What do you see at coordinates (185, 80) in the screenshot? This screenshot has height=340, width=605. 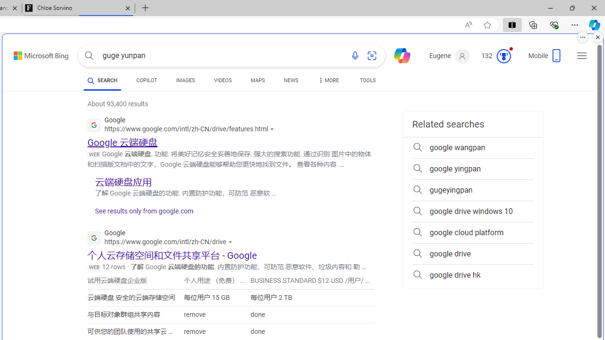 I see `'IMAGES'` at bounding box center [185, 80].